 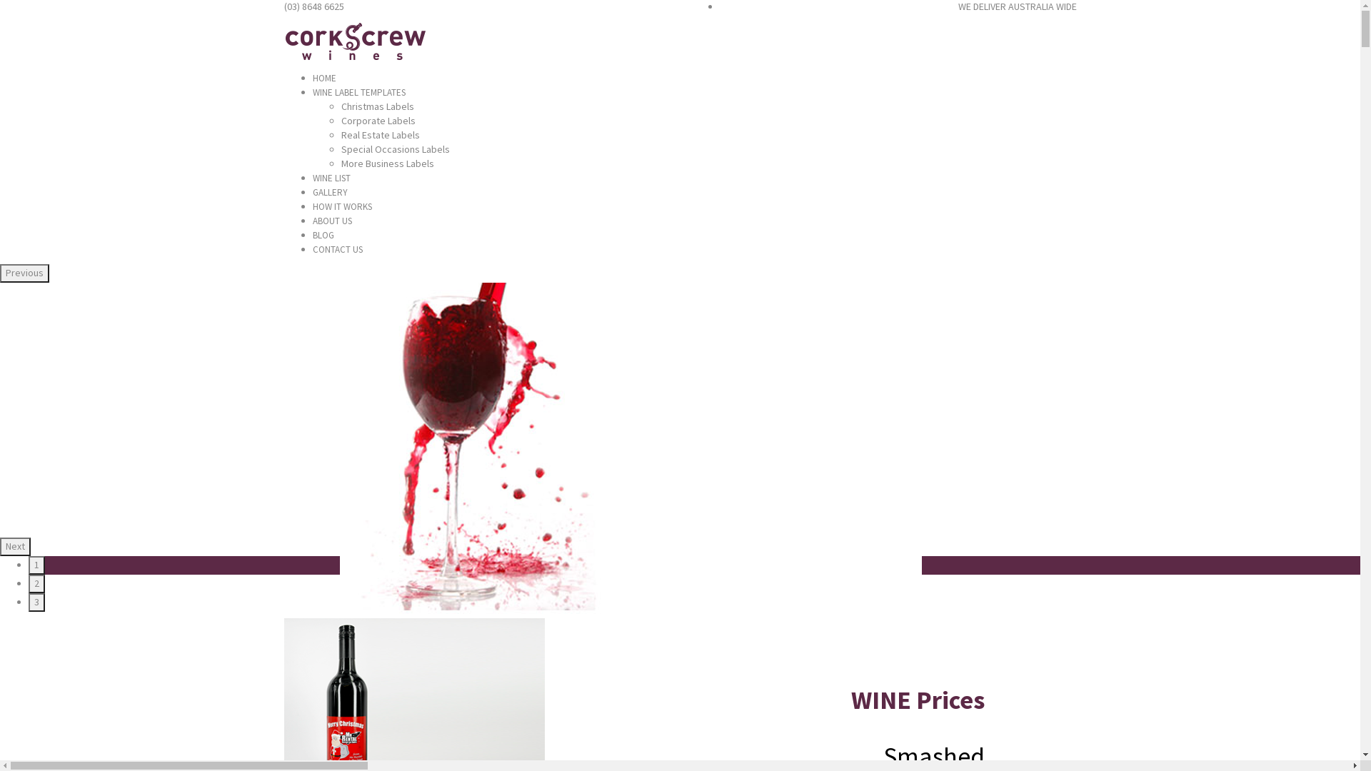 What do you see at coordinates (28, 564) in the screenshot?
I see `'1'` at bounding box center [28, 564].